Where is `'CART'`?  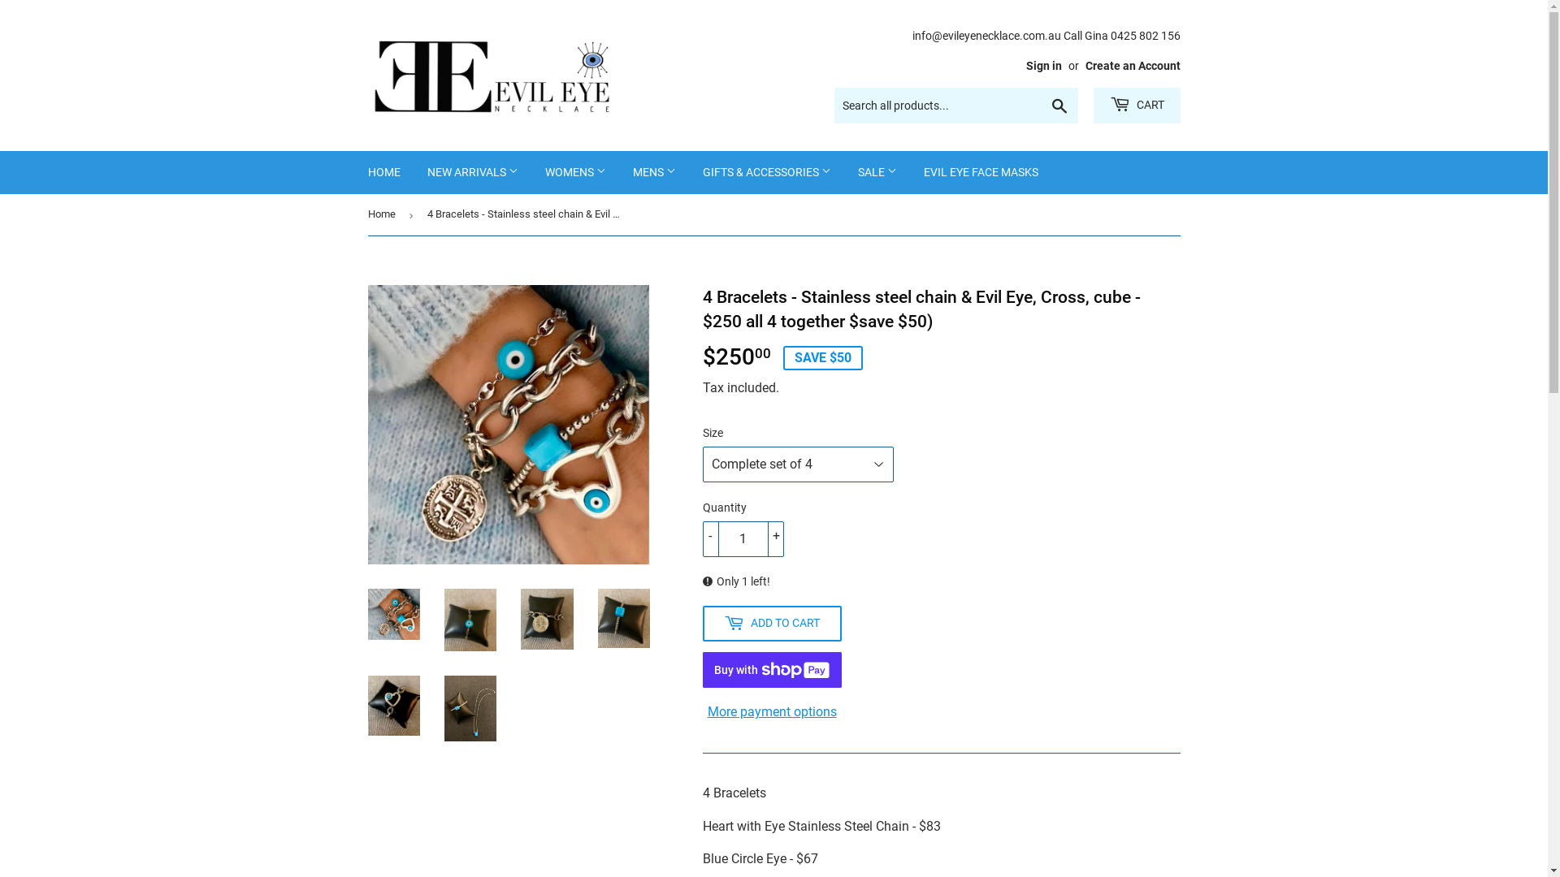
'CART' is located at coordinates (1136, 106).